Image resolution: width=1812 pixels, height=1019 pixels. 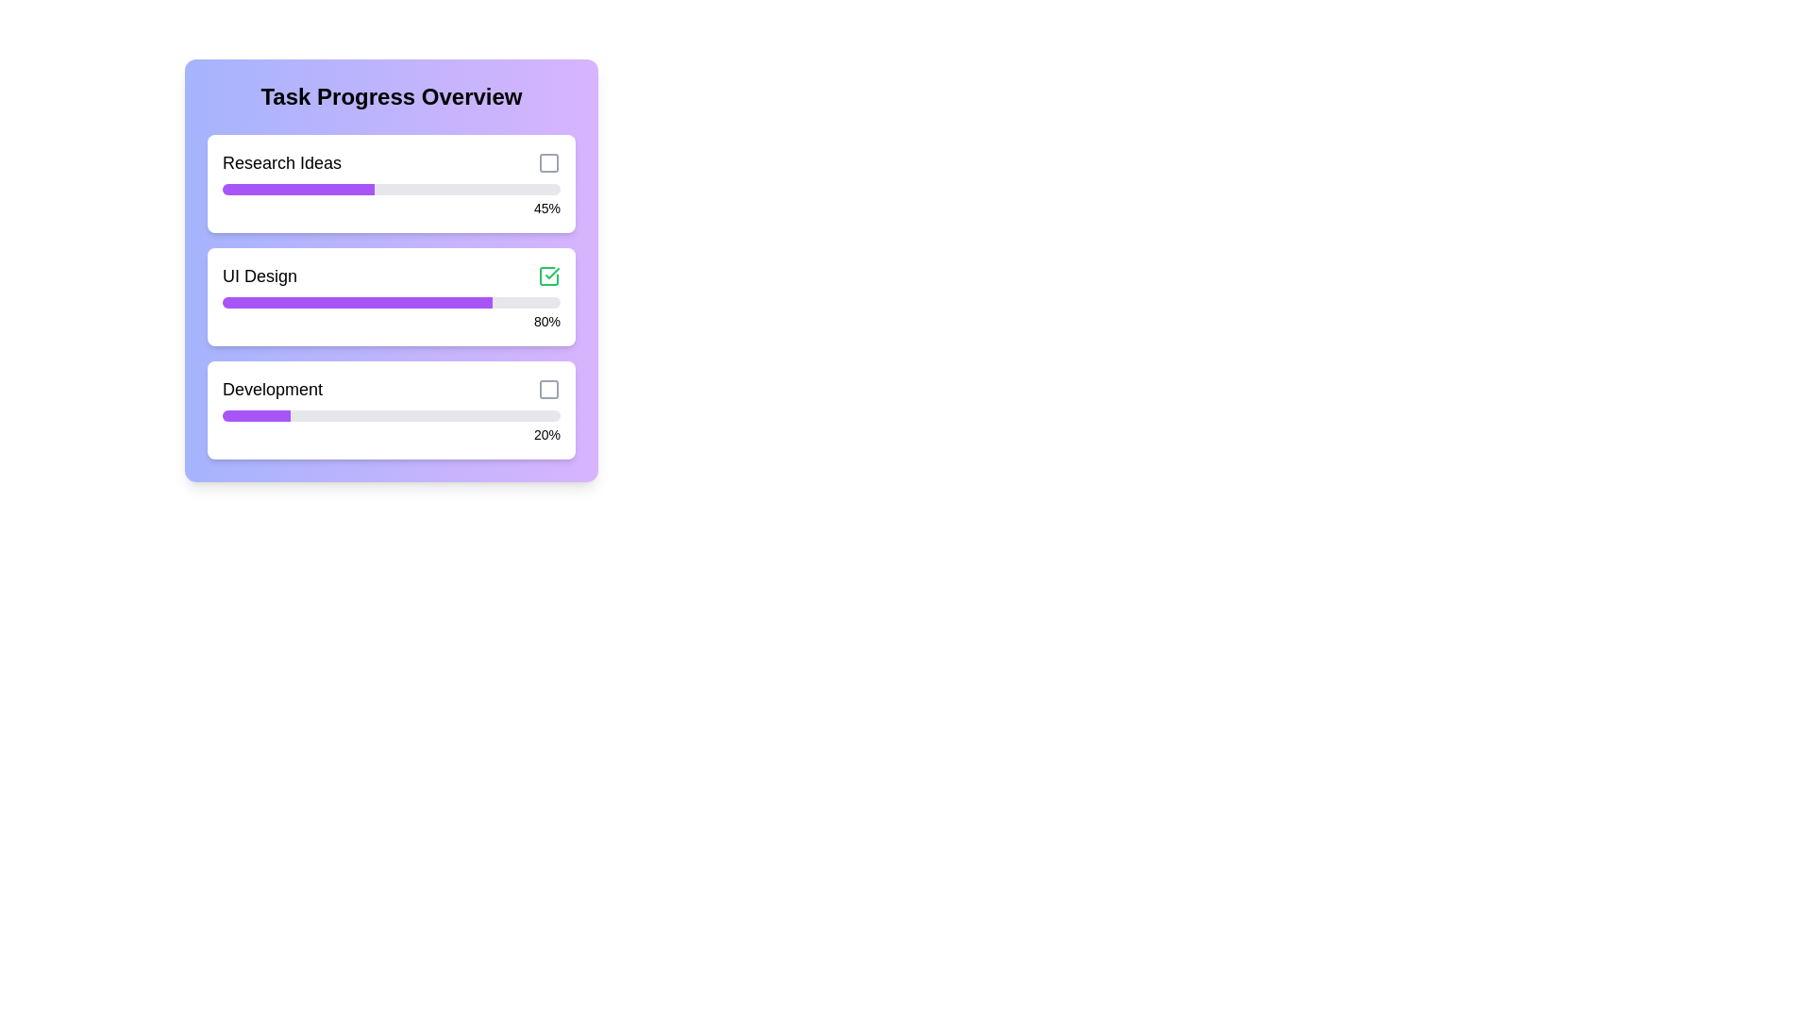 I want to click on the filled segment of the progress bar representing the 'UI Design' task, which is located within the 'Task Progress Overview' list as the second item, so click(x=358, y=301).